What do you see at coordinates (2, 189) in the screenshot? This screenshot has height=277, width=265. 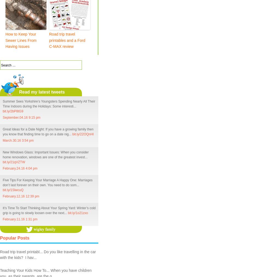 I see `'bit.ly/1SlwcuQ'` at bounding box center [2, 189].